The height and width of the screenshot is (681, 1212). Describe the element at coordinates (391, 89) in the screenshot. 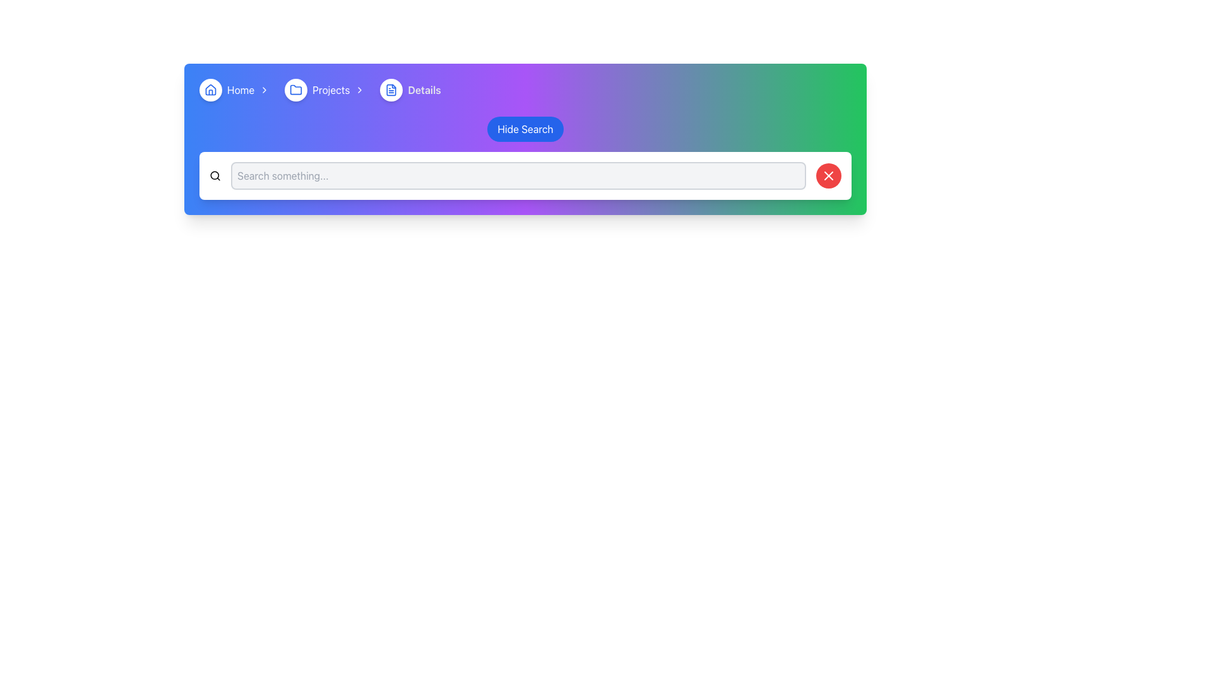

I see `the blue file icon with a circular white background located in the header breadcrumbs bar next to the 'Details' text` at that location.